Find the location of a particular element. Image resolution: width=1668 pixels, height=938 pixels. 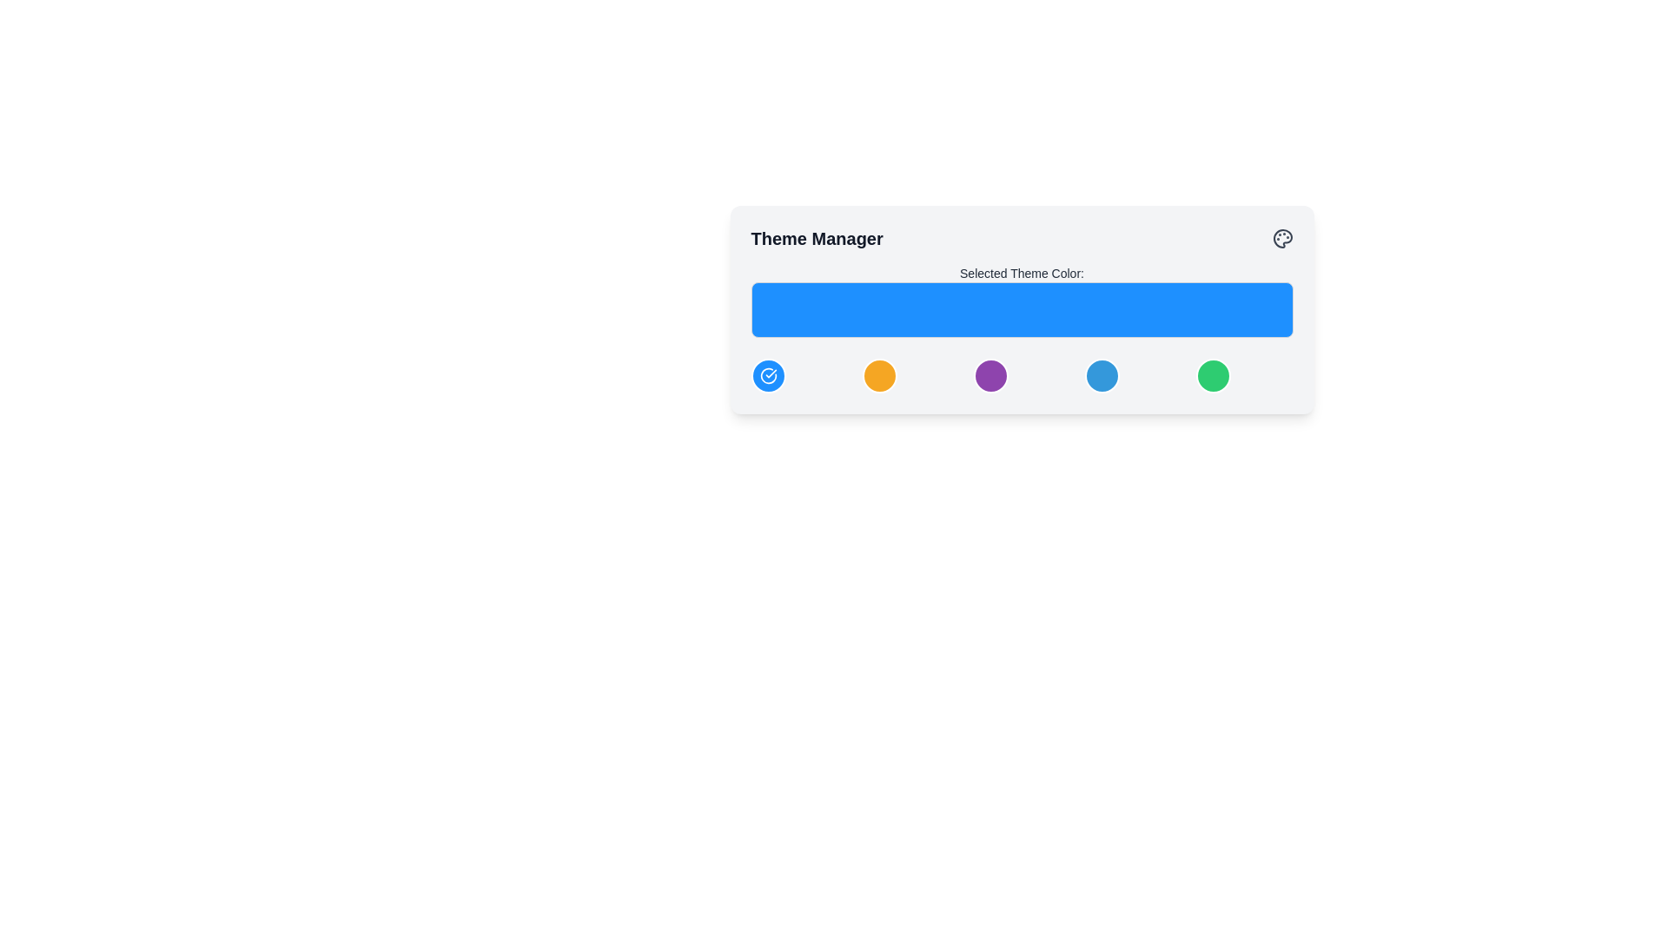

the first circular button with a blue background and a white border, which contains a white checkmark icon is located at coordinates (767, 374).